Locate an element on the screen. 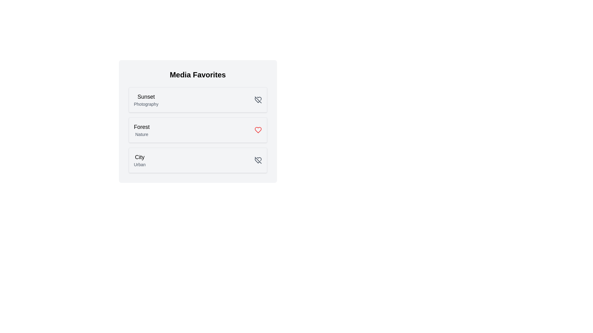 Image resolution: width=593 pixels, height=333 pixels. the media item with name Sunset to read its name and category is located at coordinates (146, 97).